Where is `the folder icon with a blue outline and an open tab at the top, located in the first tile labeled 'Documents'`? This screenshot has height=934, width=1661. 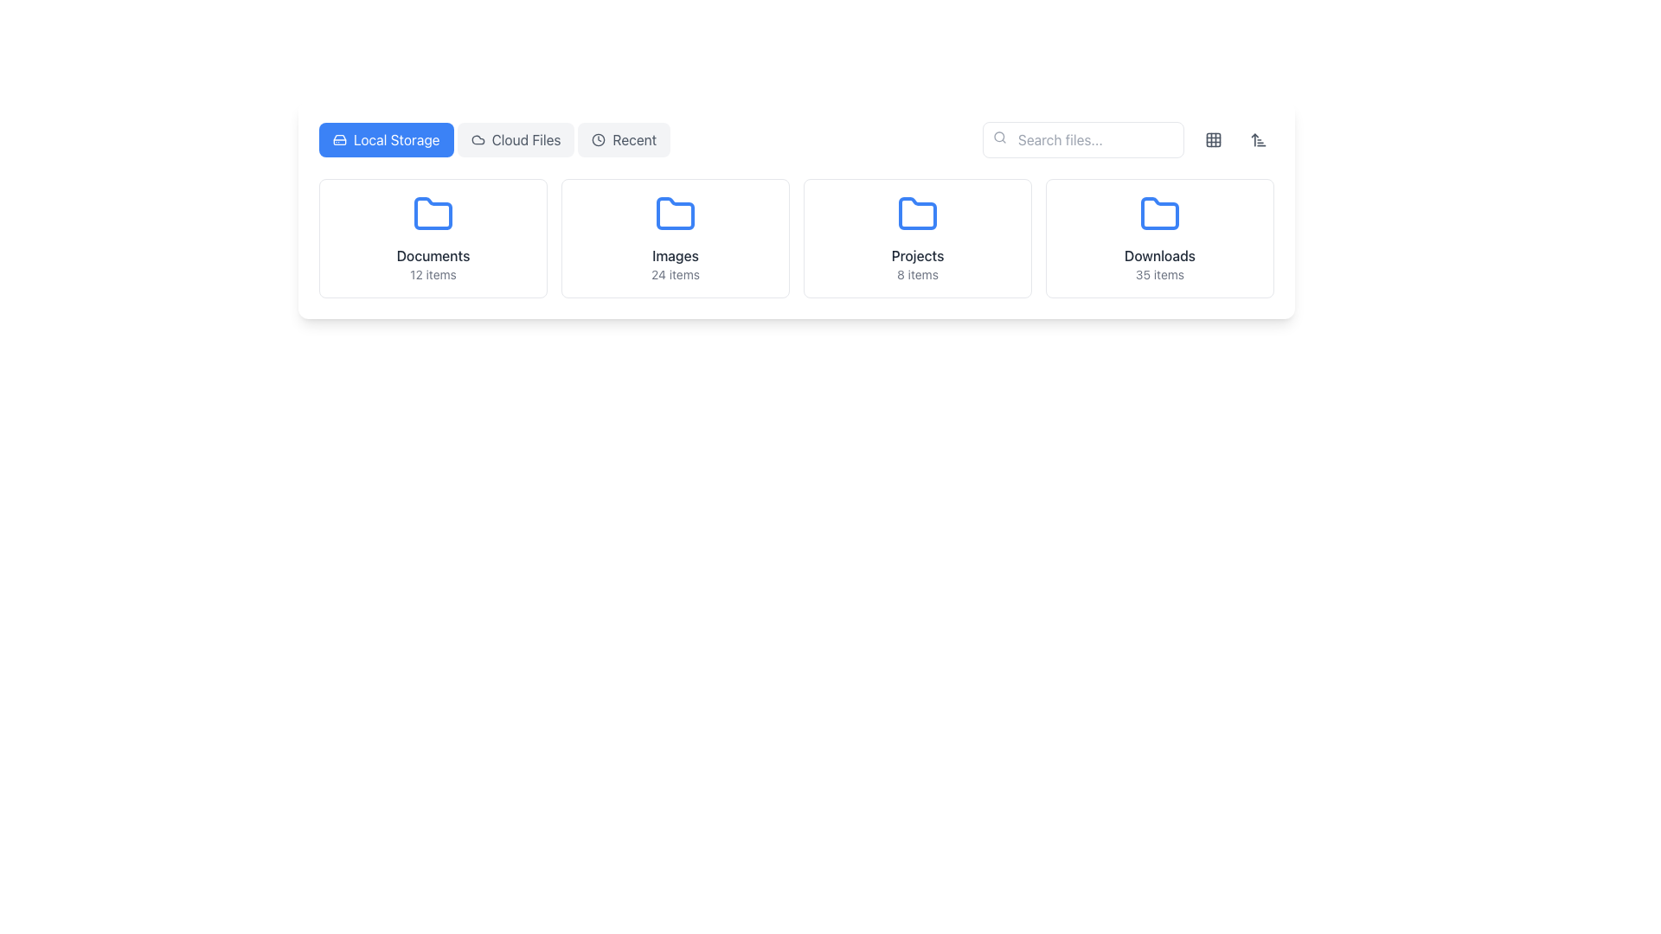
the folder icon with a blue outline and an open tab at the top, located in the first tile labeled 'Documents' is located at coordinates (433, 212).